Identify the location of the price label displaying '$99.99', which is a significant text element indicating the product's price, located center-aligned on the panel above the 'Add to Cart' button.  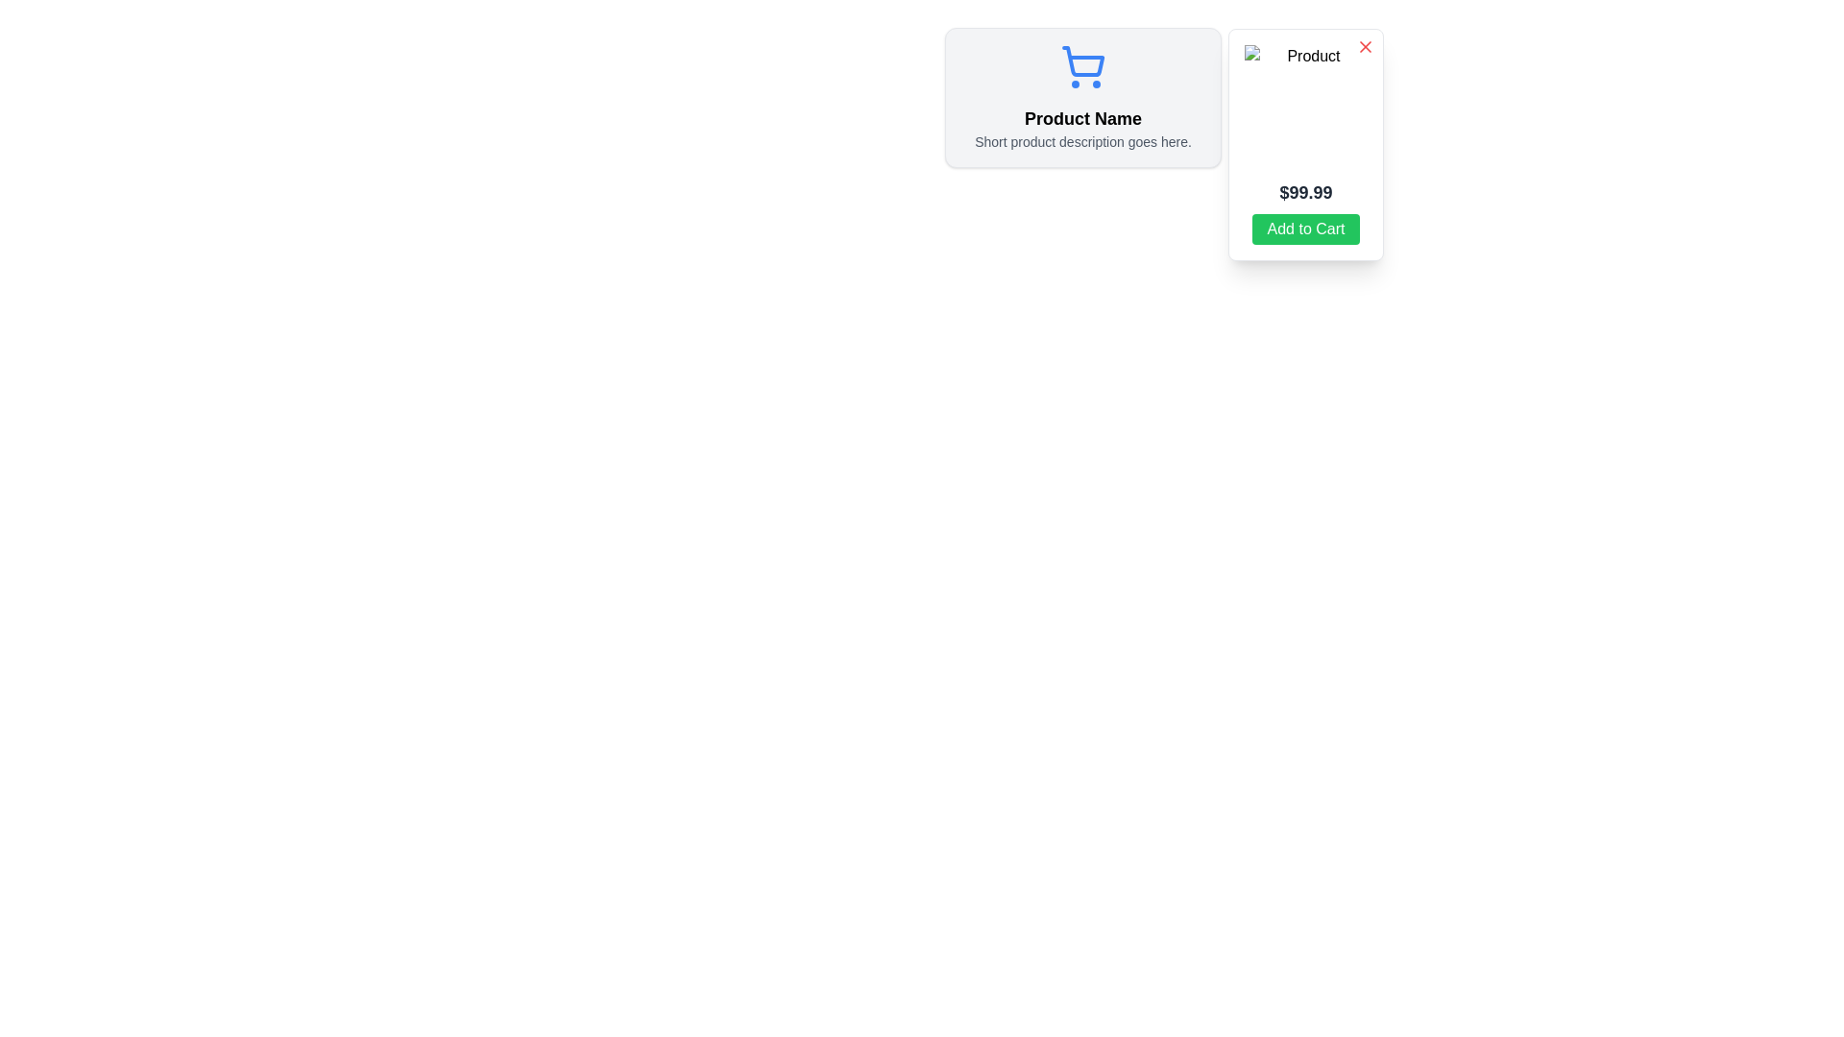
(1305, 192).